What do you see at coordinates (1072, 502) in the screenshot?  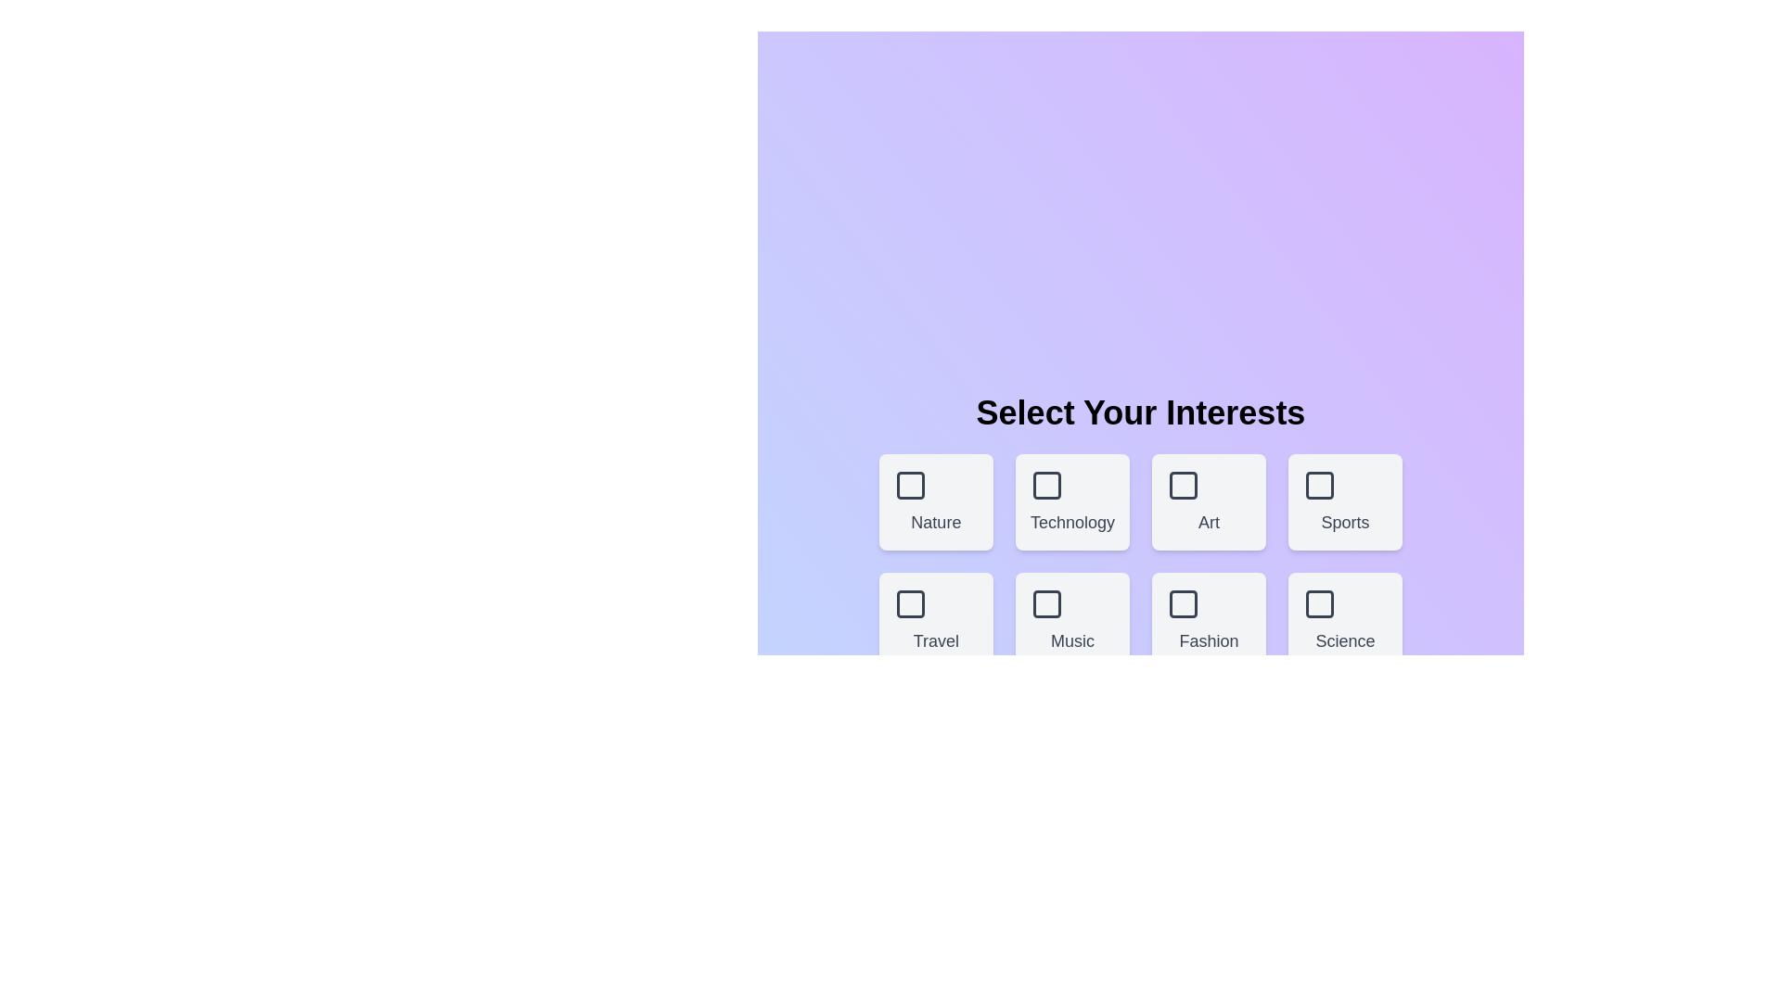 I see `the box corresponding to the theme Technology to select or deselect it` at bounding box center [1072, 502].